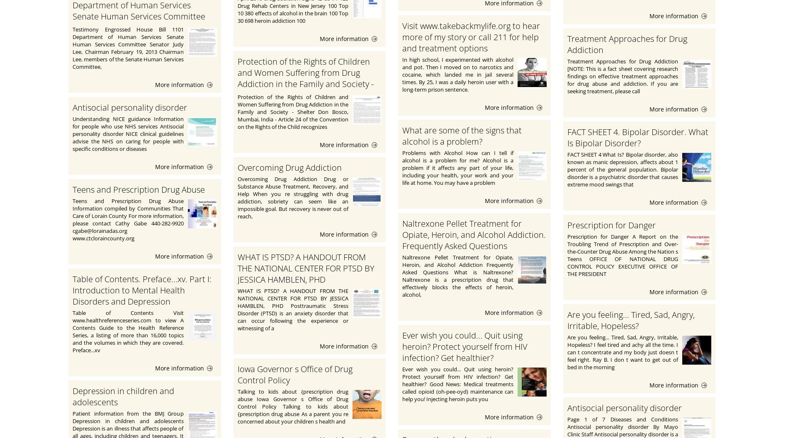  Describe the element at coordinates (127, 134) in the screenshot. I see `'Understanding NICE guidance Information for people who use NHS services Antisocial personality disorder NICE clinical guidelines advise the NHS on caring for people with specific conditions or diseases'` at that location.